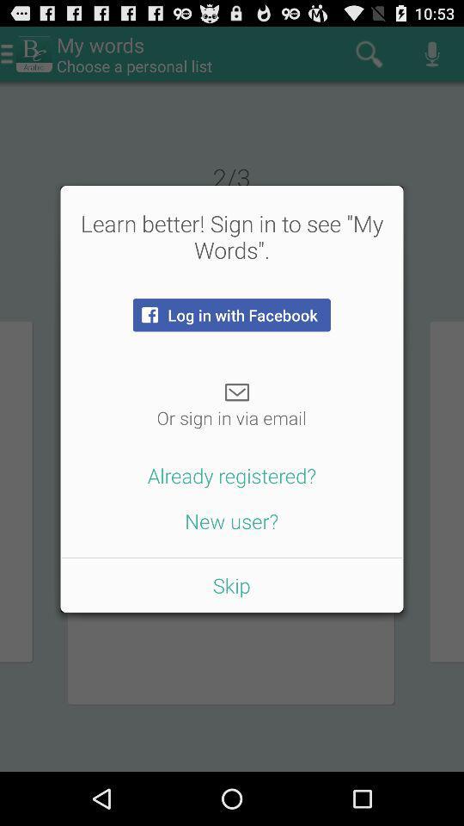 The image size is (464, 826). What do you see at coordinates (232, 475) in the screenshot?
I see `the already registered? button` at bounding box center [232, 475].